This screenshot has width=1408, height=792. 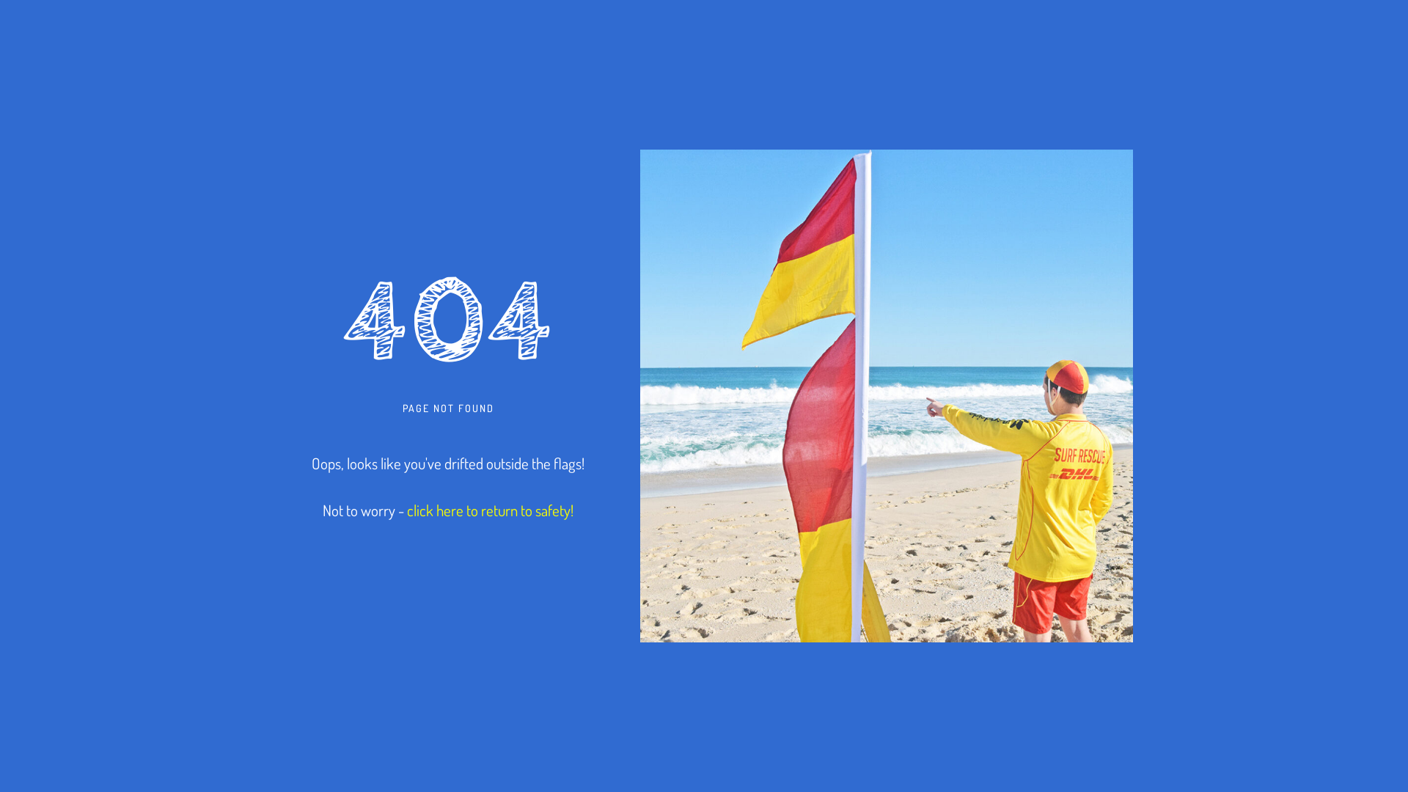 I want to click on 'click here to return to safety!', so click(x=490, y=509).